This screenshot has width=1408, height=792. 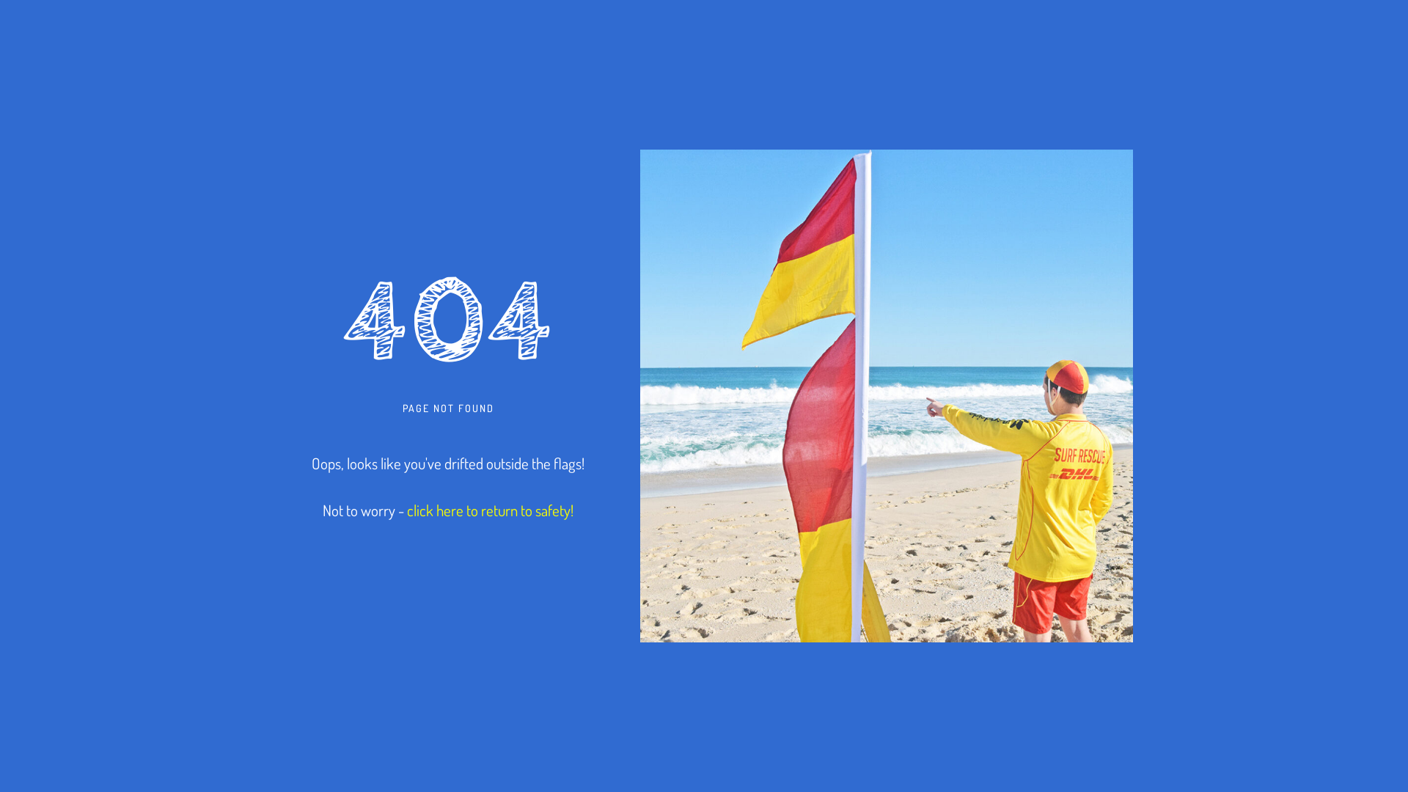 I want to click on 'click here to return to safety!', so click(x=490, y=509).